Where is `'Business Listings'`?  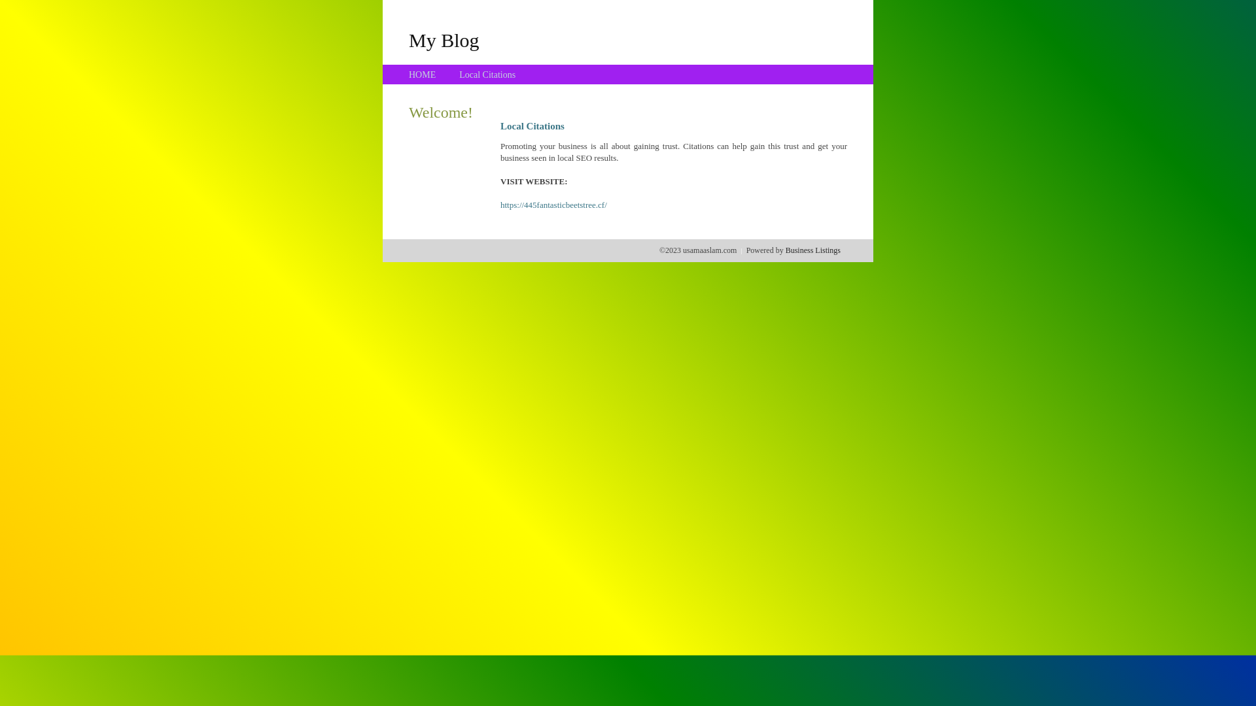 'Business Listings' is located at coordinates (812, 250).